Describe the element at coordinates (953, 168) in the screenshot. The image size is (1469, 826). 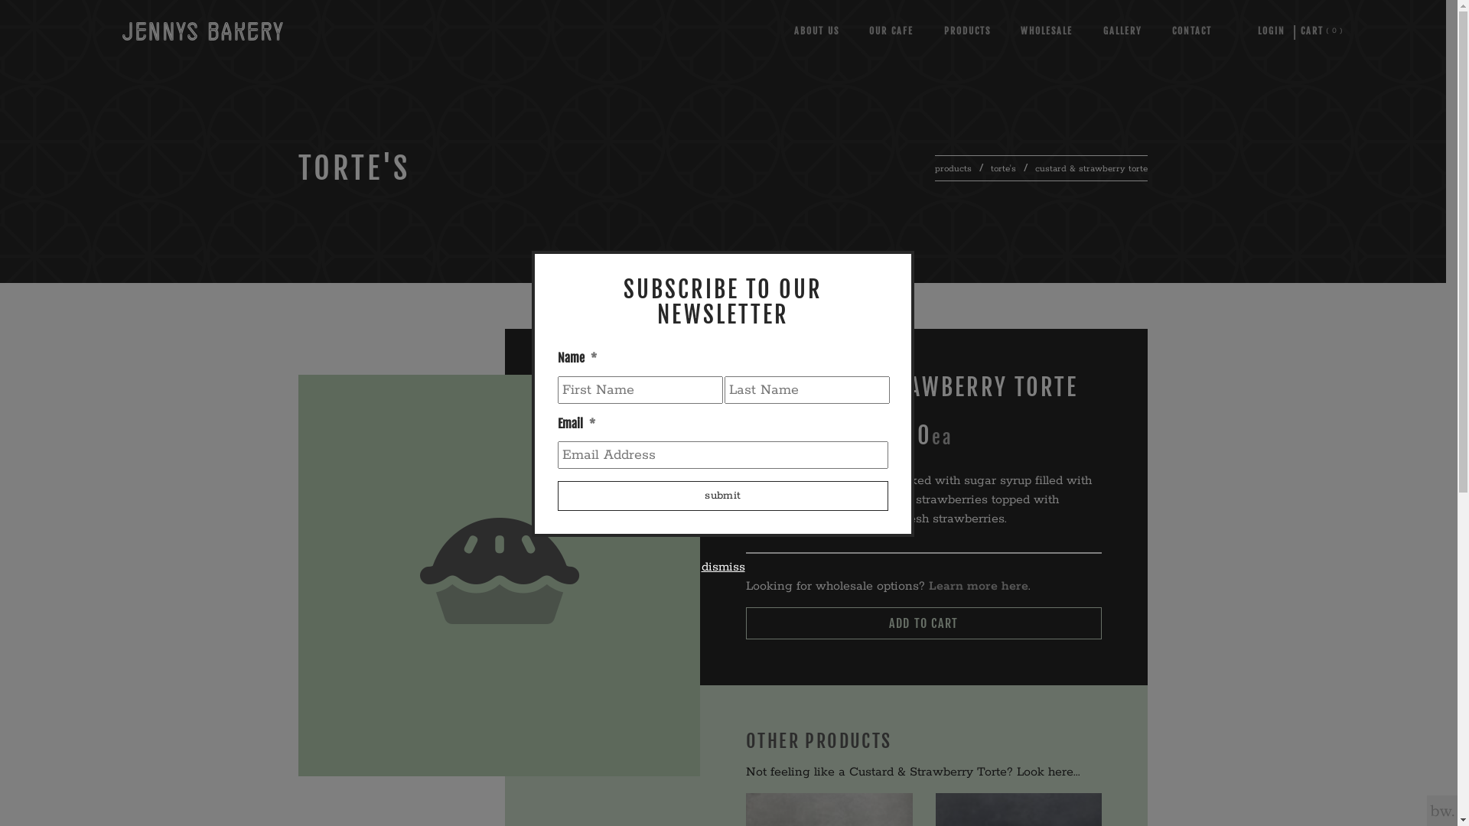
I see `'products'` at that location.